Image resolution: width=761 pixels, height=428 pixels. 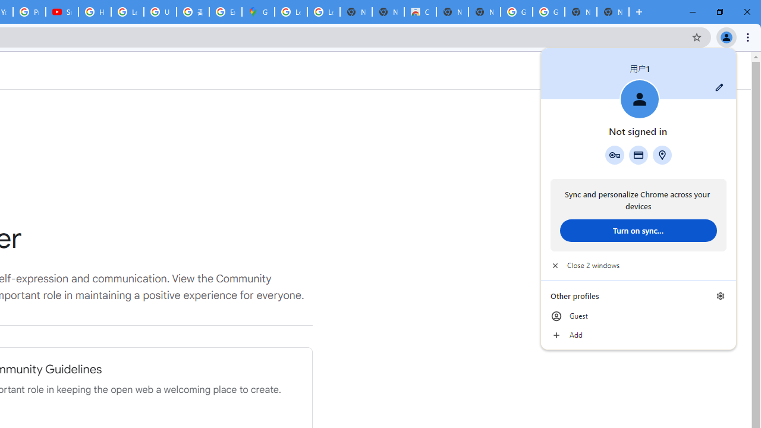 What do you see at coordinates (94, 12) in the screenshot?
I see `'How Chrome protects your passwords - Google Chrome Help'` at bounding box center [94, 12].